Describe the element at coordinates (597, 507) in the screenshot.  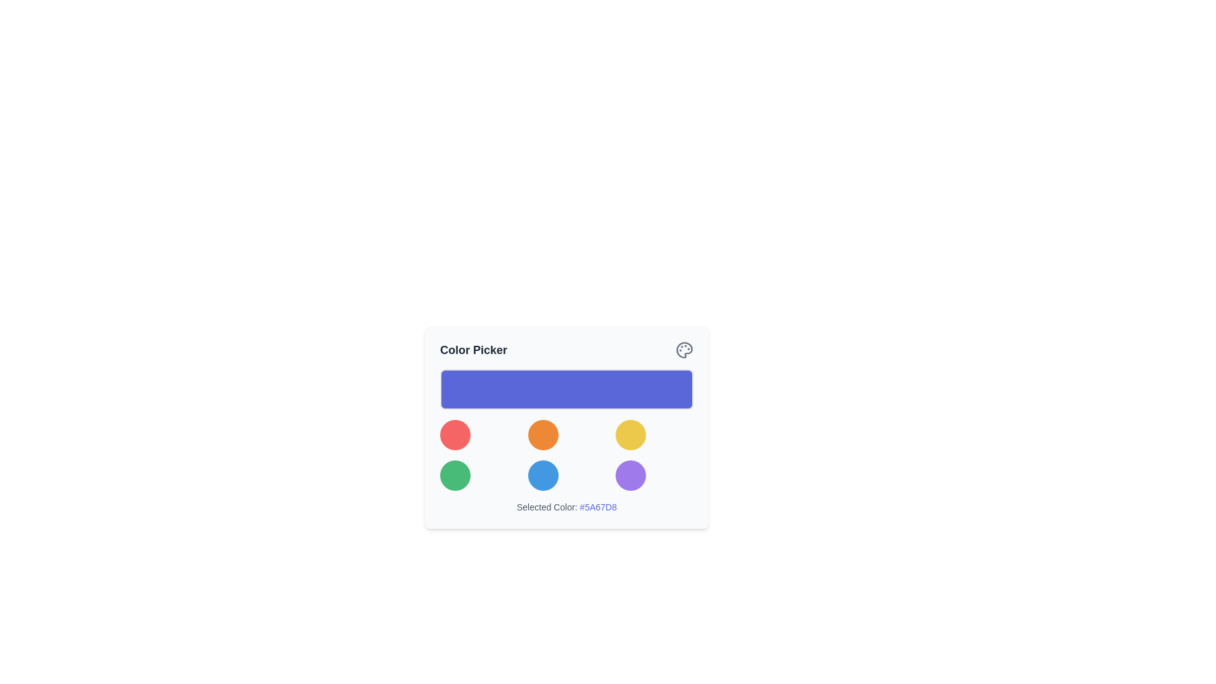
I see `the text label displaying '#5A67D8' in blue color, which is aligned horizontally after the label 'Selected Color:' in the 'Color Picker' interface` at that location.